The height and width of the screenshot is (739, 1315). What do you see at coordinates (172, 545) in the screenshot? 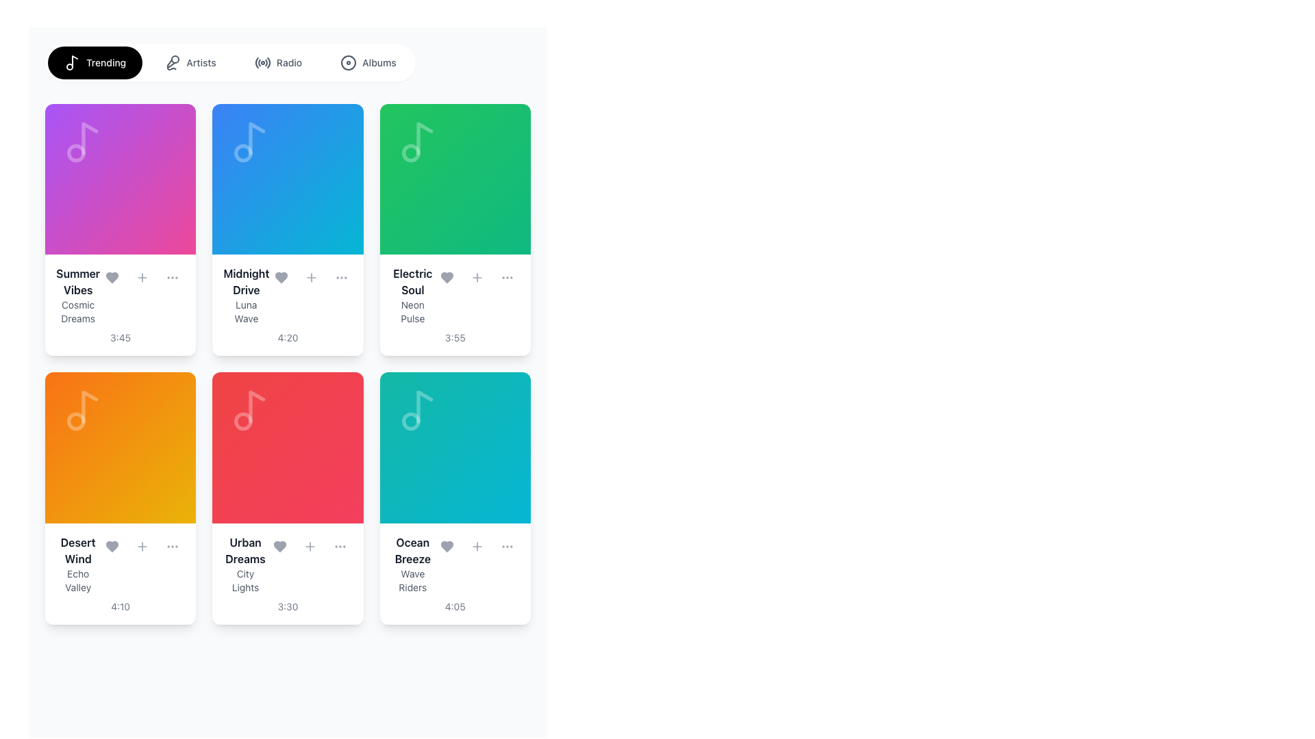
I see `the three-dot menu icon located in the bottom-right section of the 'Desert Wind' music track details card` at bounding box center [172, 545].